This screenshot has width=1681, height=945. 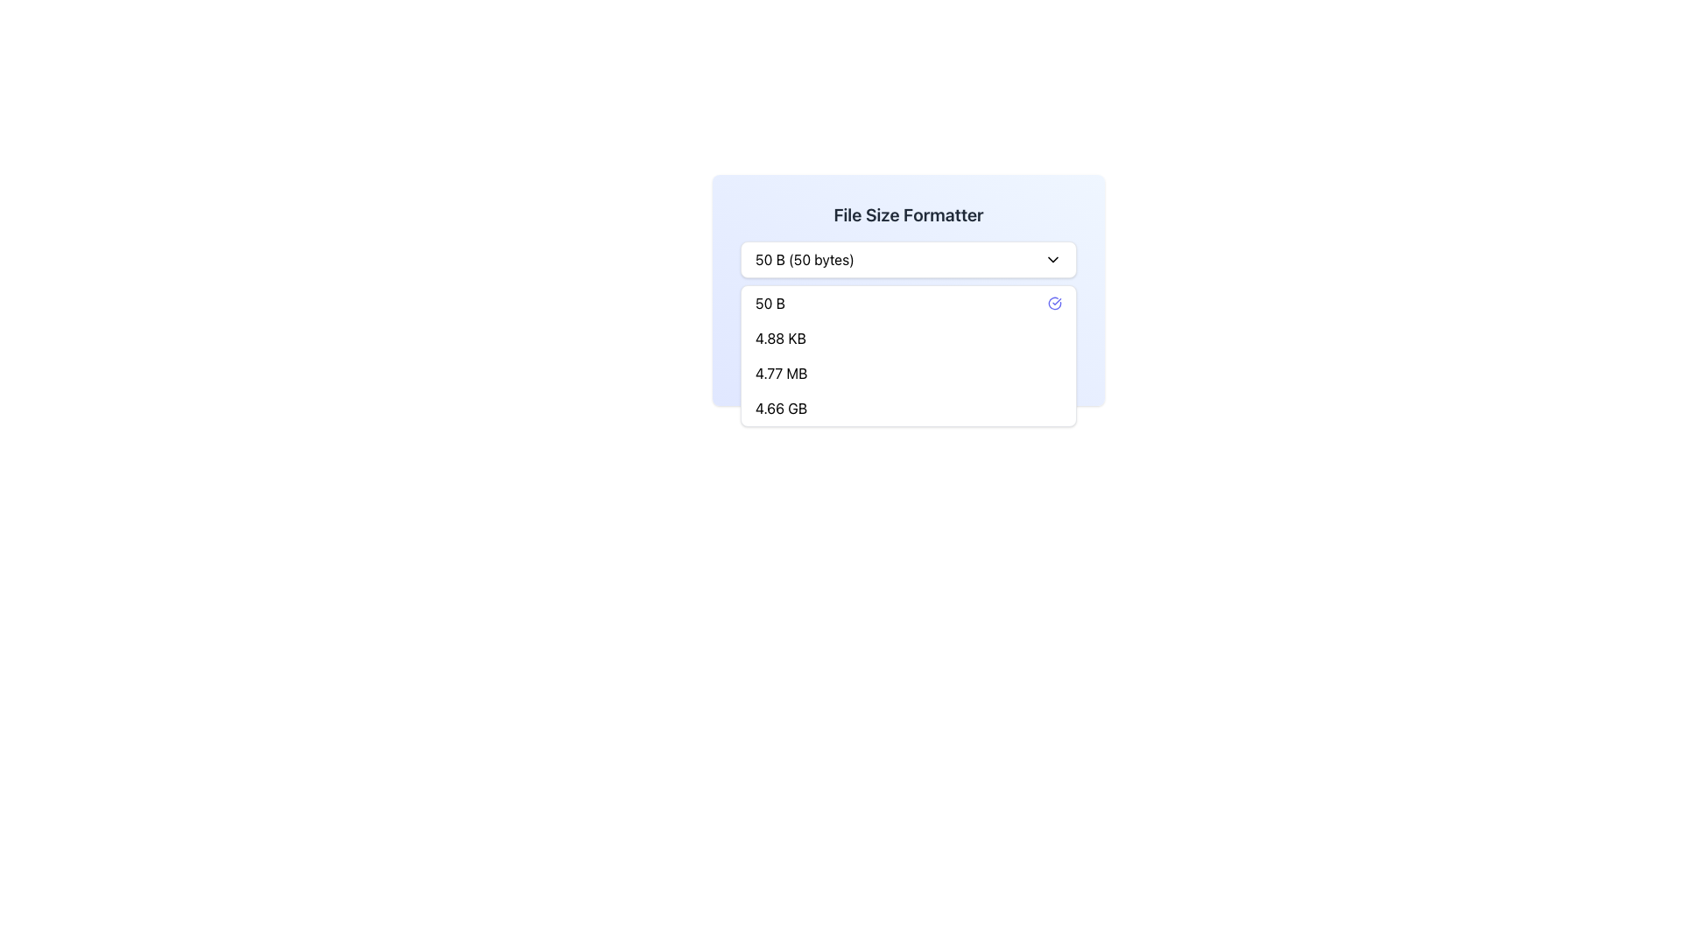 I want to click on the first option in the 'File Size Formatter' dropdown menu, so click(x=908, y=303).